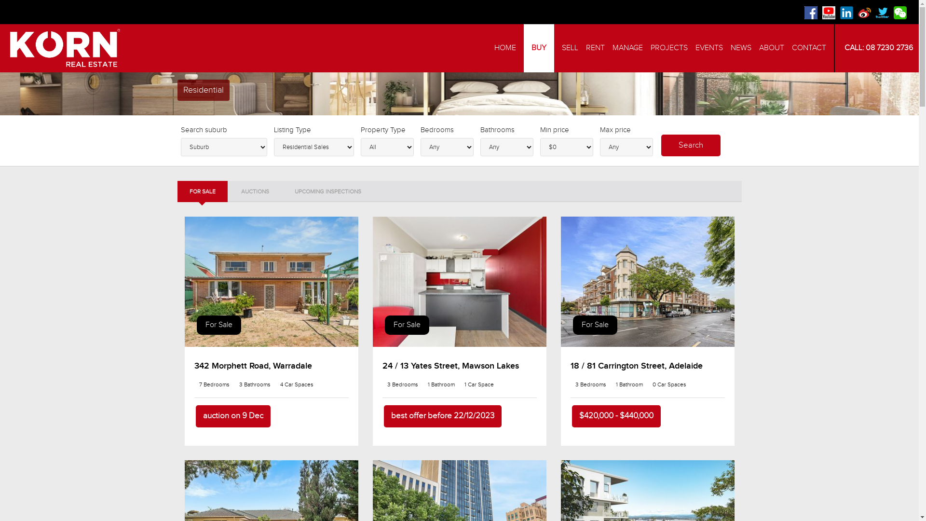  Describe the element at coordinates (690, 145) in the screenshot. I see `'search'` at that location.